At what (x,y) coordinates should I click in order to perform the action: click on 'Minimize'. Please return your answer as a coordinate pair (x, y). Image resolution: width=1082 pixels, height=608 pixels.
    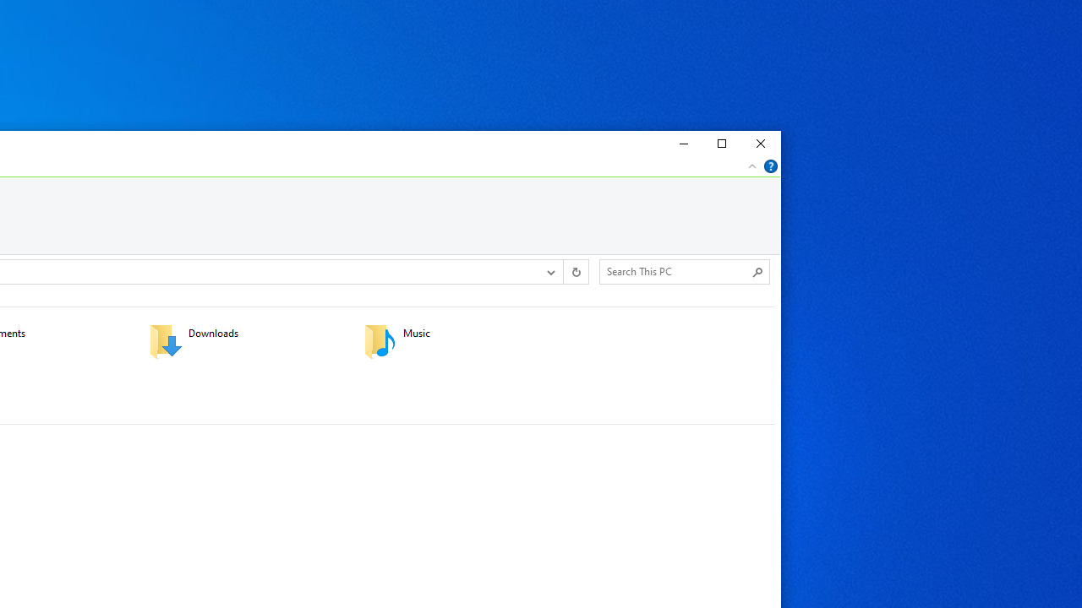
    Looking at the image, I should click on (682, 144).